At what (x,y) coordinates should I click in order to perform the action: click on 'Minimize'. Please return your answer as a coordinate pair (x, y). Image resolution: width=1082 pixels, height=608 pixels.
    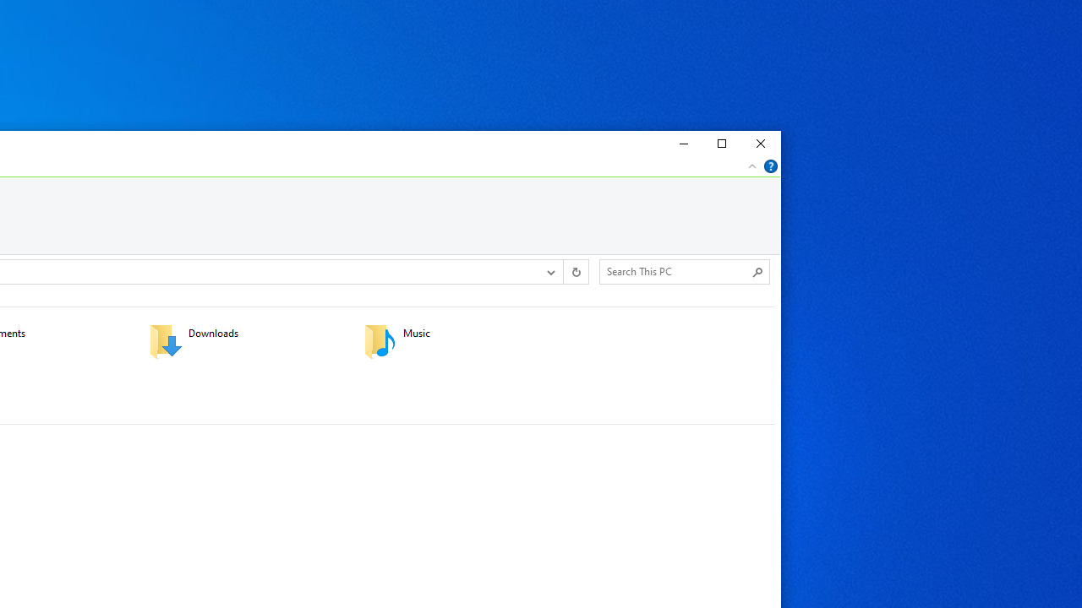
    Looking at the image, I should click on (682, 144).